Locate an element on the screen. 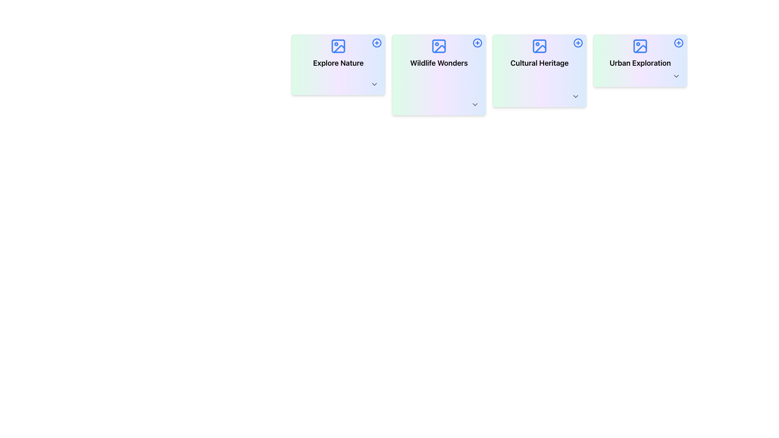  the center of the 'Explore Nature' card, which is the first card in the grid layout located in the top-left corner is located at coordinates (338, 64).